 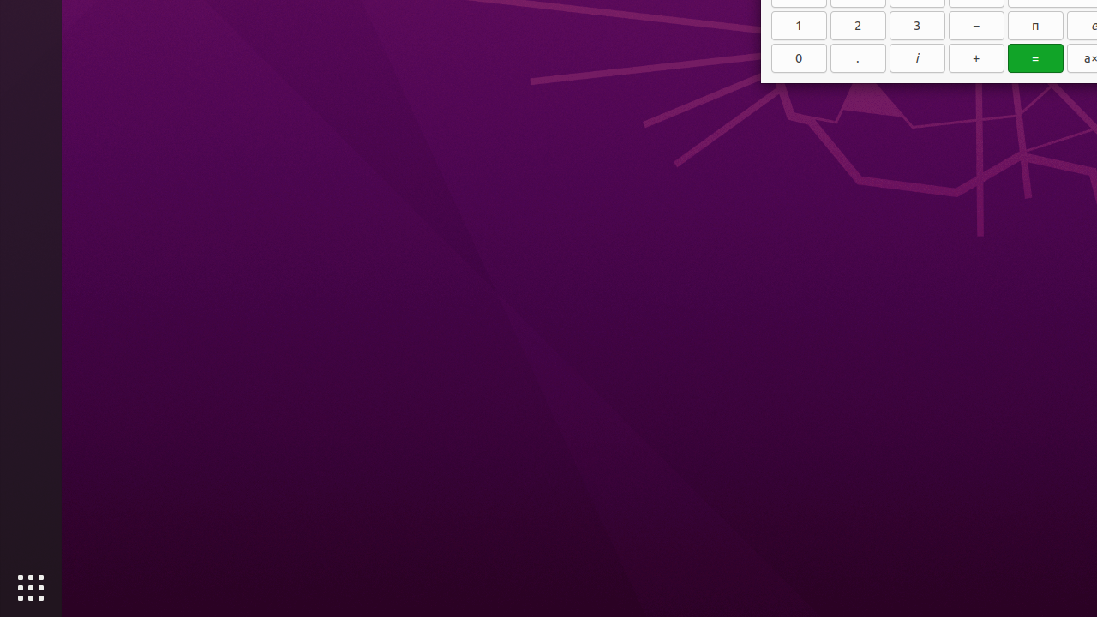 I want to click on '2', so click(x=858, y=26).